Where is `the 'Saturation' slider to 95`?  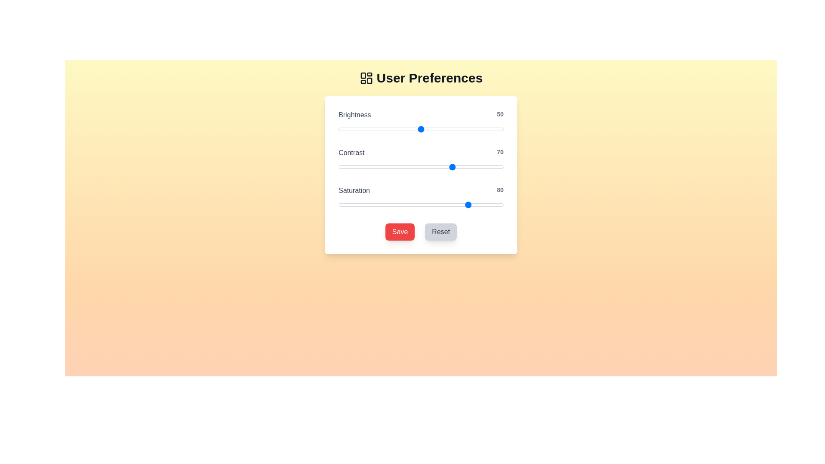 the 'Saturation' slider to 95 is located at coordinates (495, 205).